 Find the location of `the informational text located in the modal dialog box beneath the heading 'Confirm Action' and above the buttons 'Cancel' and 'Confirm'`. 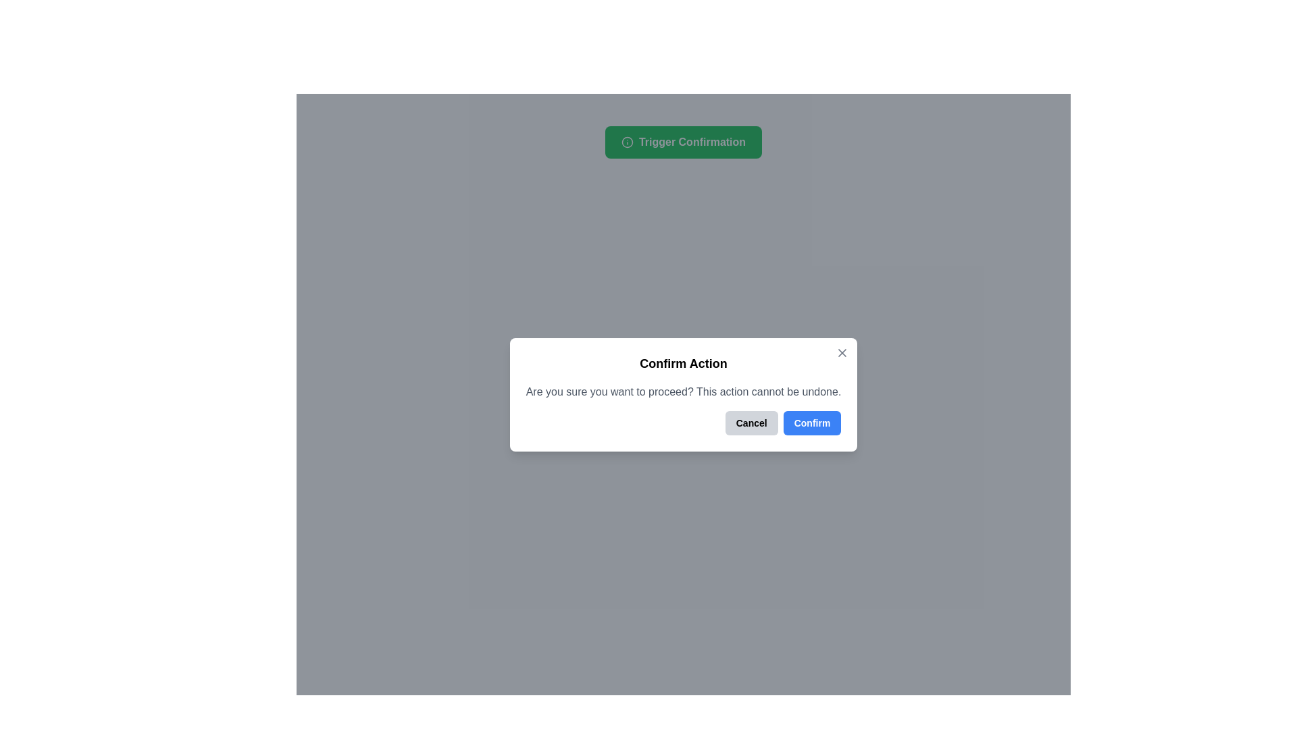

the informational text located in the modal dialog box beneath the heading 'Confirm Action' and above the buttons 'Cancel' and 'Confirm' is located at coordinates (684, 391).